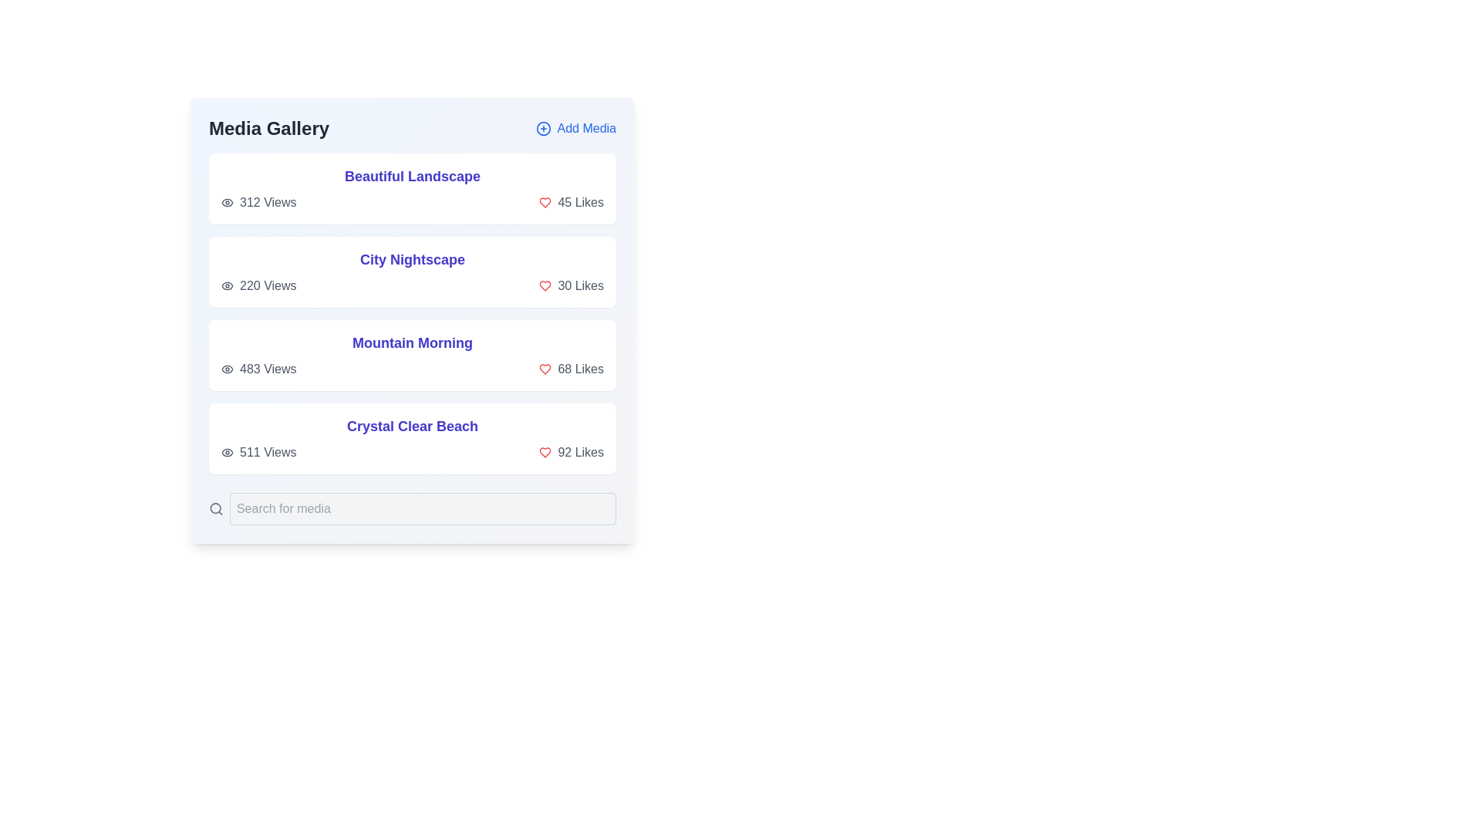 The height and width of the screenshot is (833, 1481). I want to click on the title of the media item City Nightscape, so click(412, 258).